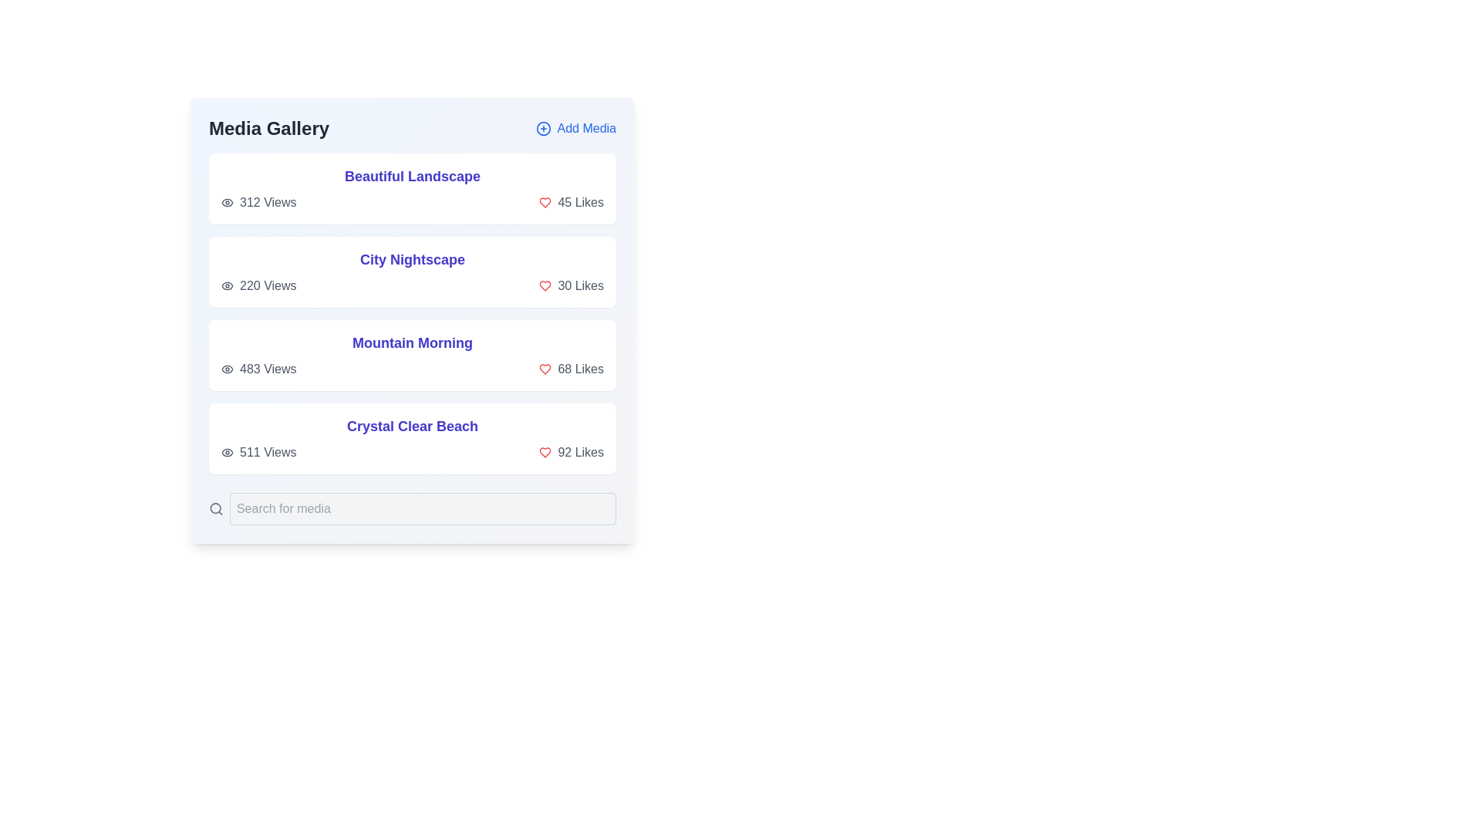 The height and width of the screenshot is (833, 1481). I want to click on the title of the media item City Nightscape, so click(412, 258).